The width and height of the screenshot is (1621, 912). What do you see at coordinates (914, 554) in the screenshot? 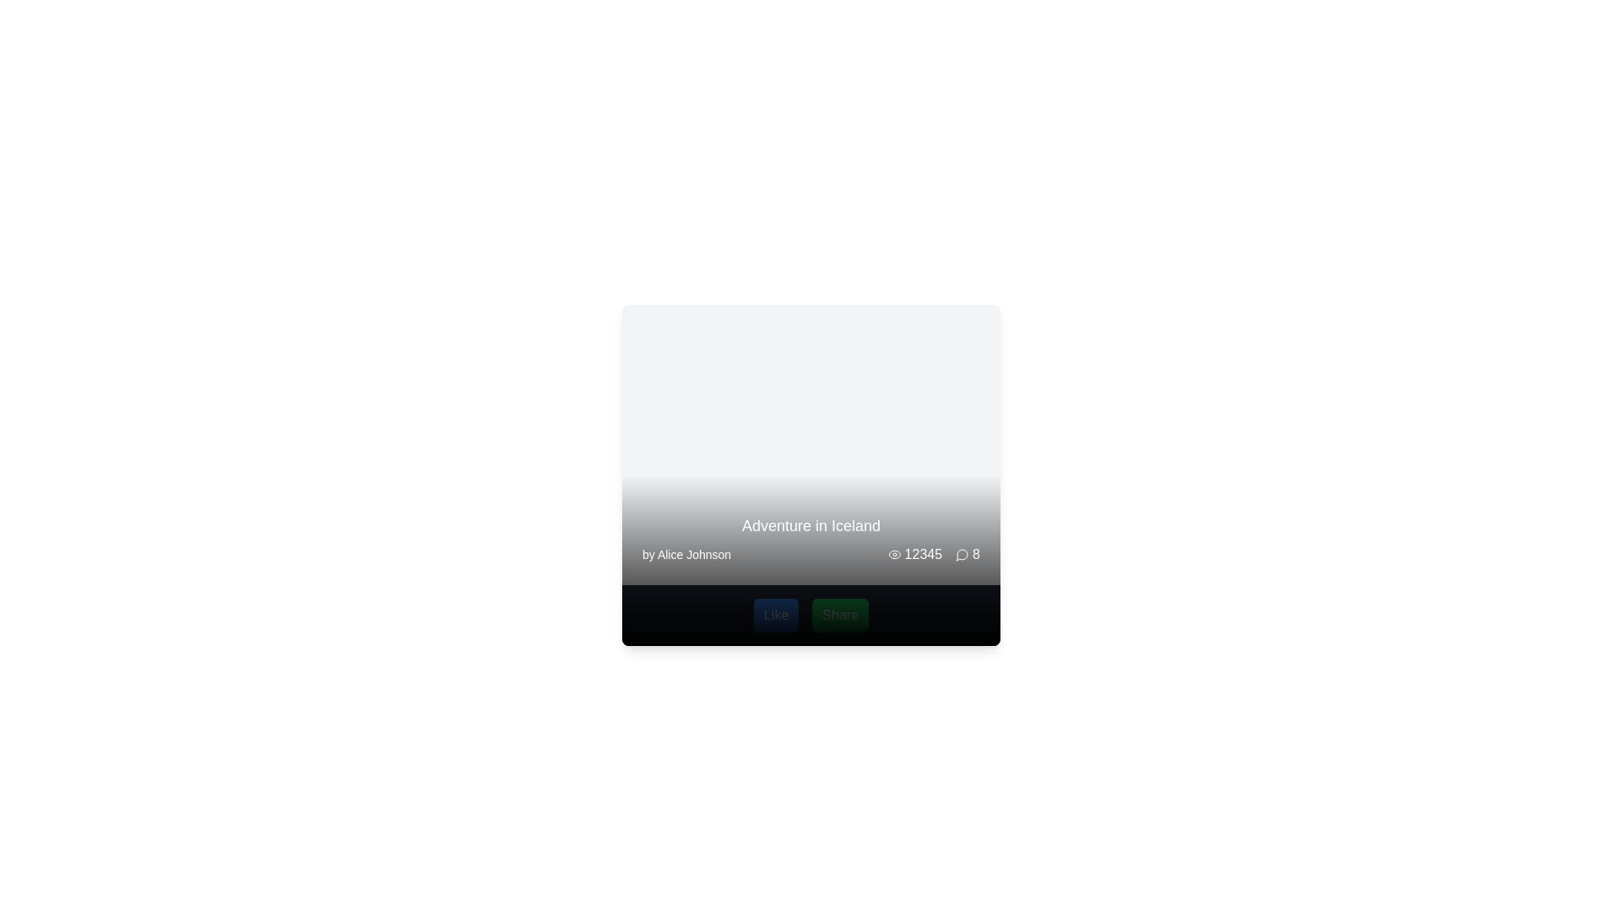
I see `the Information Display element that shows the text '12345' and has an eye-shaped icon to its left` at bounding box center [914, 554].